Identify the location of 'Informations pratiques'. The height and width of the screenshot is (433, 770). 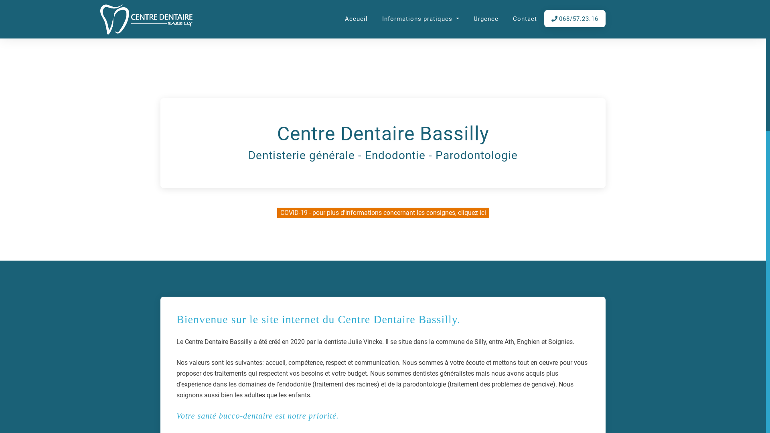
(379, 19).